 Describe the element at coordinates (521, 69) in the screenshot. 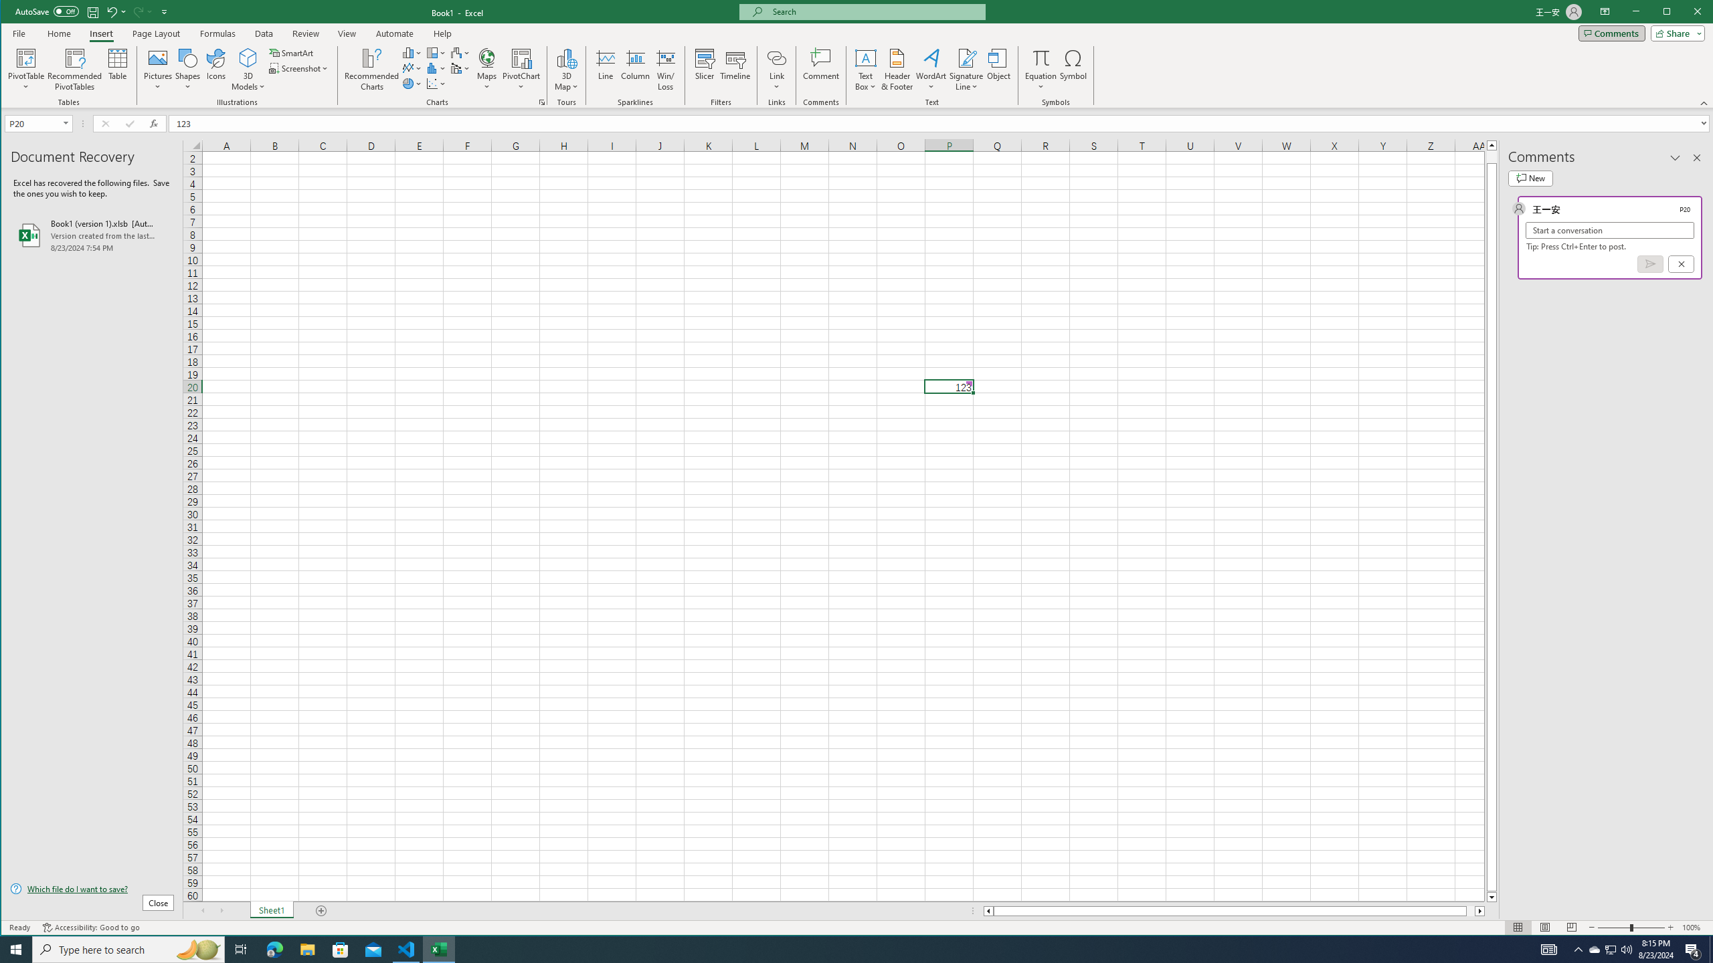

I see `'PivotChart'` at that location.